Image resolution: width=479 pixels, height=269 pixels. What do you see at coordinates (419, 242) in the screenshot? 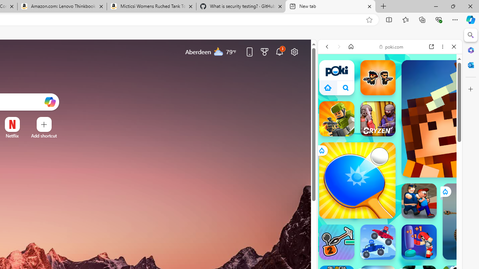
I see `'Punch Legend Simulator'` at bounding box center [419, 242].